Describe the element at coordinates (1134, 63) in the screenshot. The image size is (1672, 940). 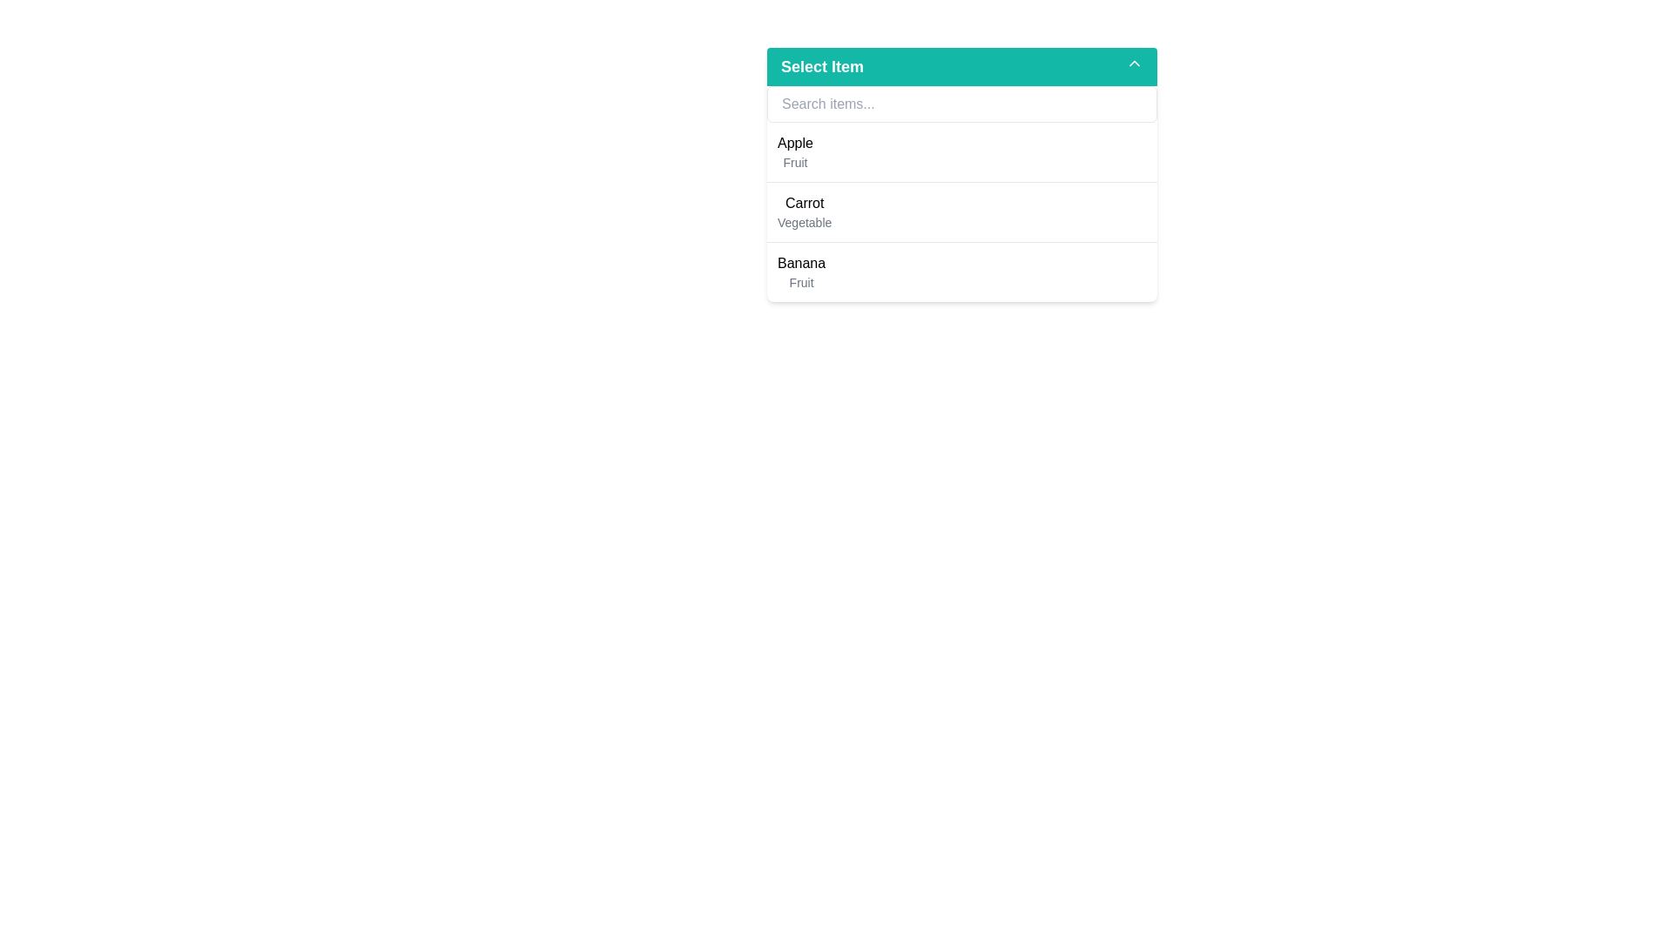
I see `the chevron-up icon located at the right end of the 'Select Item' header bar` at that location.